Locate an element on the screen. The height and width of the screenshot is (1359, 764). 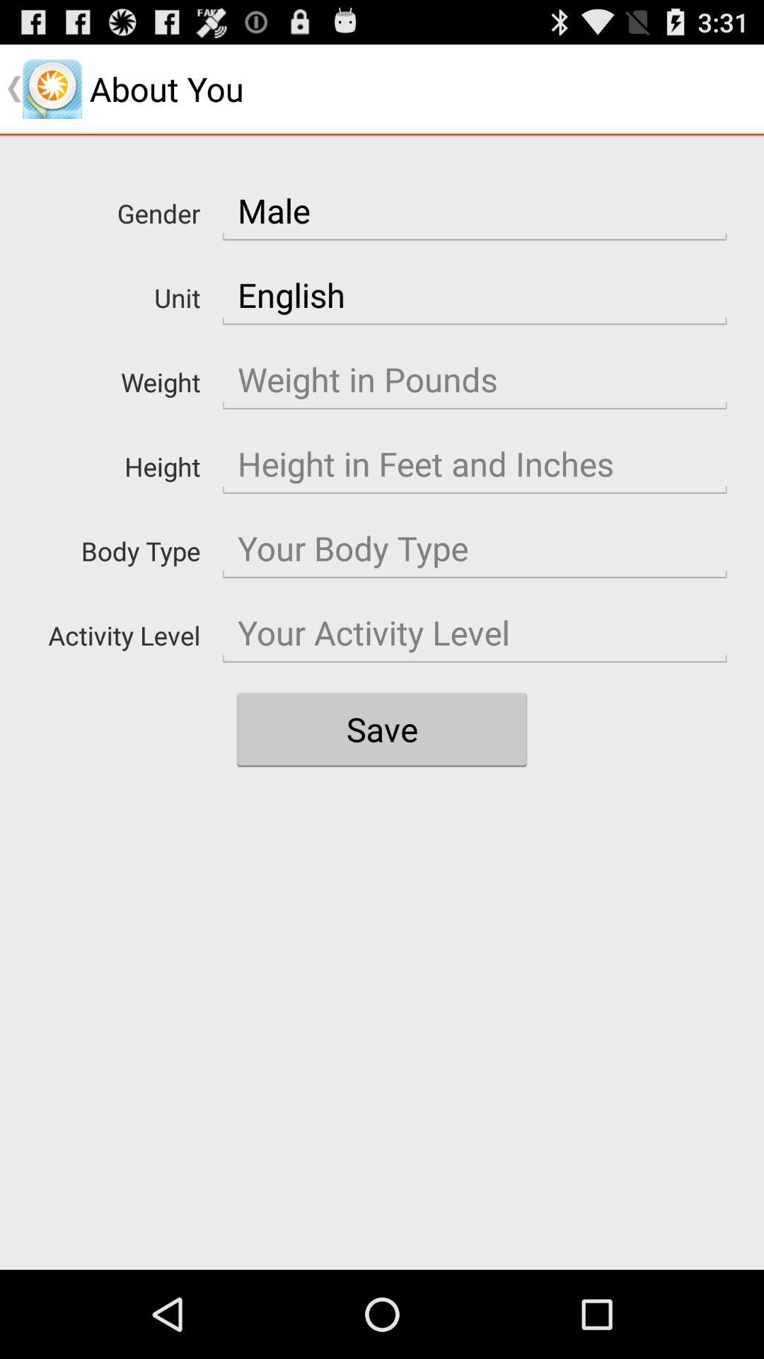
height input is located at coordinates (475, 464).